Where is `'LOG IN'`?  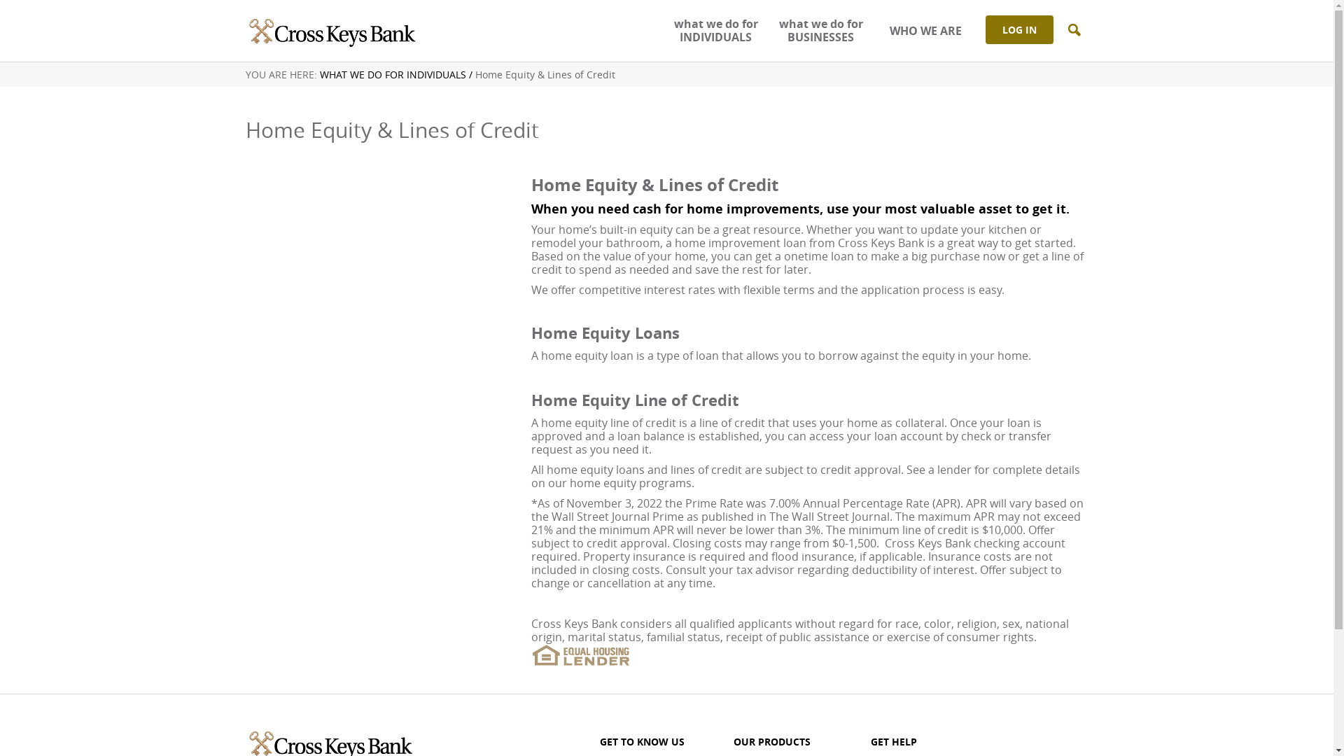
'LOG IN' is located at coordinates (1019, 29).